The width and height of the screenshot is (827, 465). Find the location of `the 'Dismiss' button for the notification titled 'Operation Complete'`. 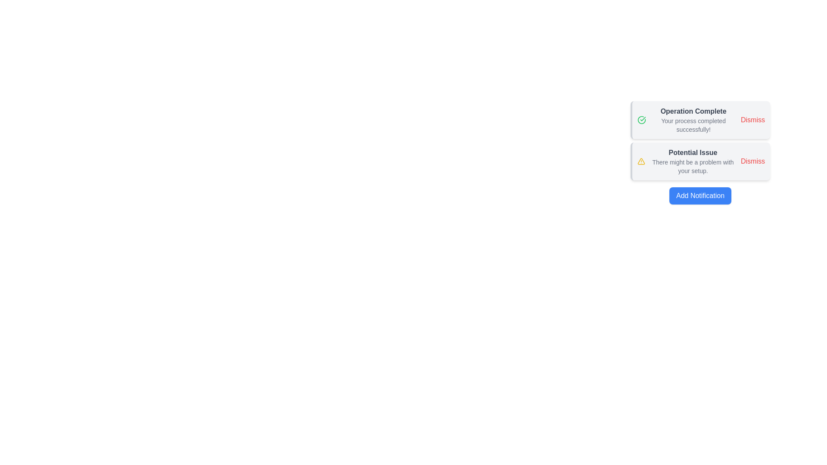

the 'Dismiss' button for the notification titled 'Operation Complete' is located at coordinates (752, 120).